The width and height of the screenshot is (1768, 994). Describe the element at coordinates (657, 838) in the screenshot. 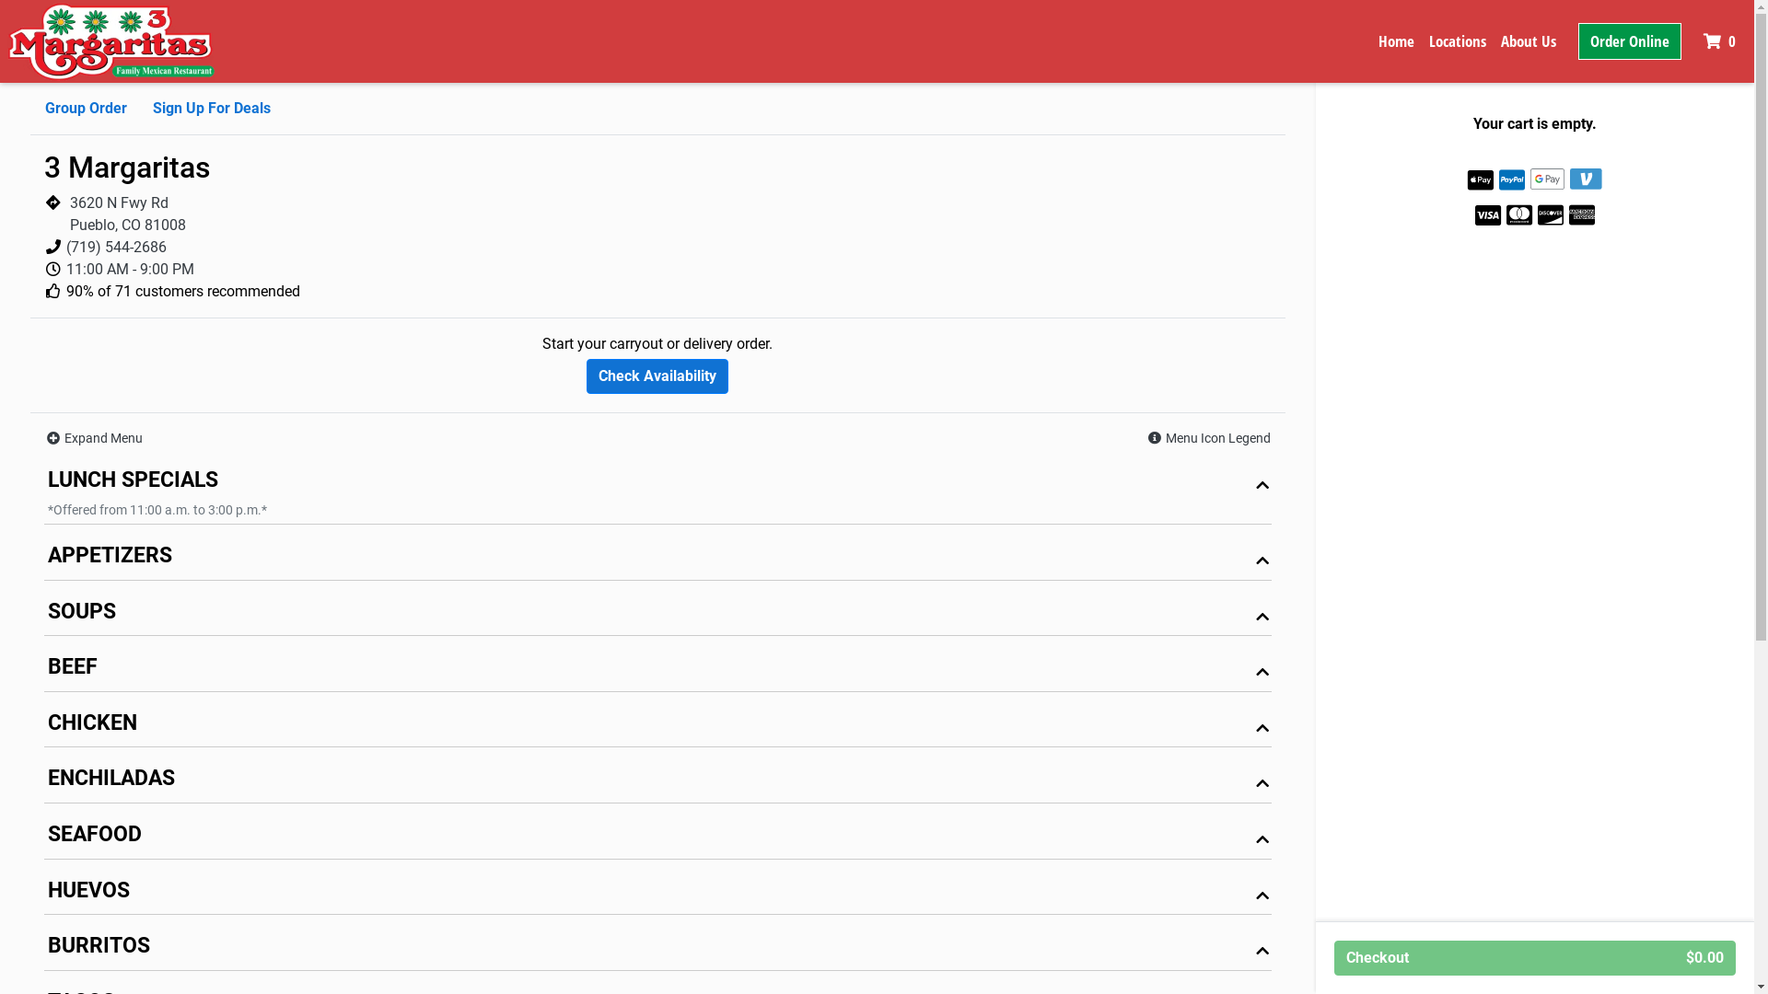

I see `'SEAFOOD'` at that location.